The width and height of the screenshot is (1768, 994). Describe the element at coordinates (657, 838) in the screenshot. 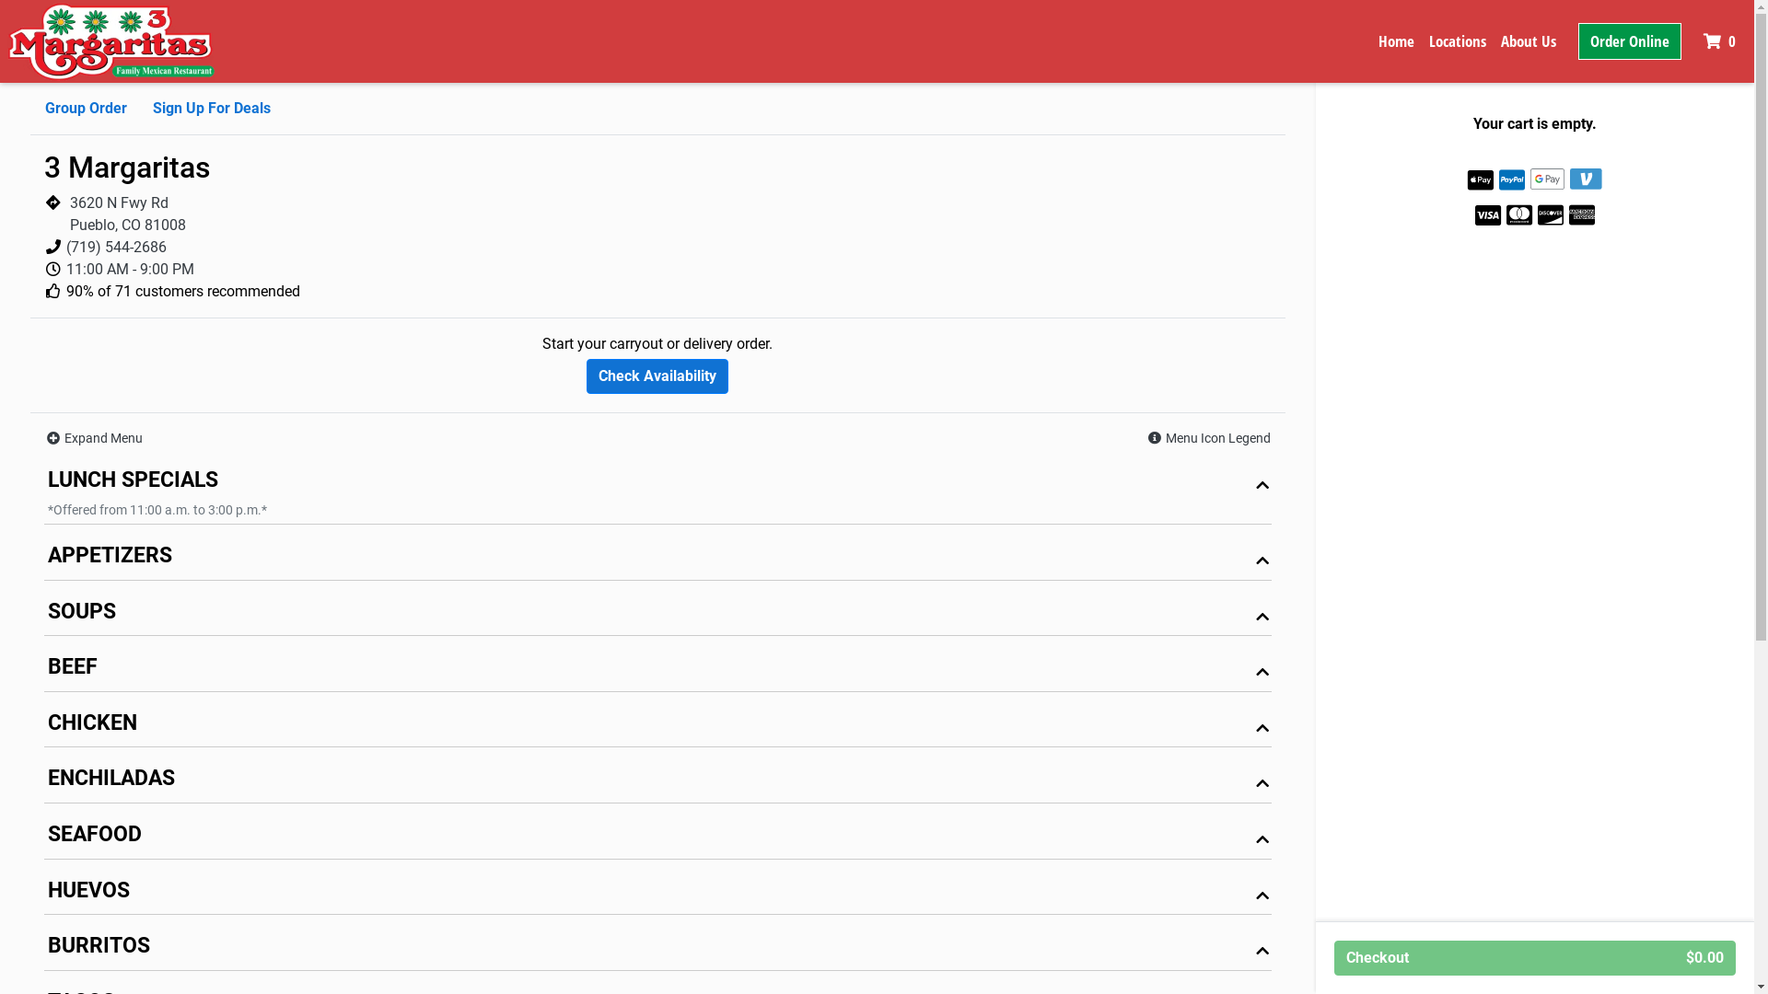

I see `'SEAFOOD'` at that location.